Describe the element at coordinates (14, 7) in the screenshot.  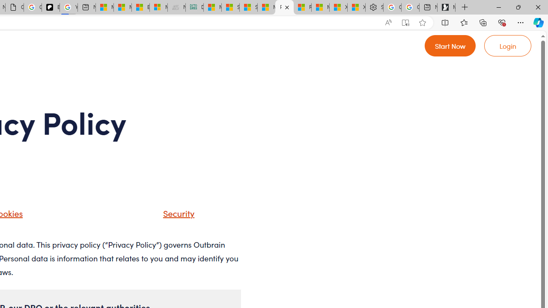
I see `'Google Analytics Opt-out Browser Add-on Download Page'` at that location.